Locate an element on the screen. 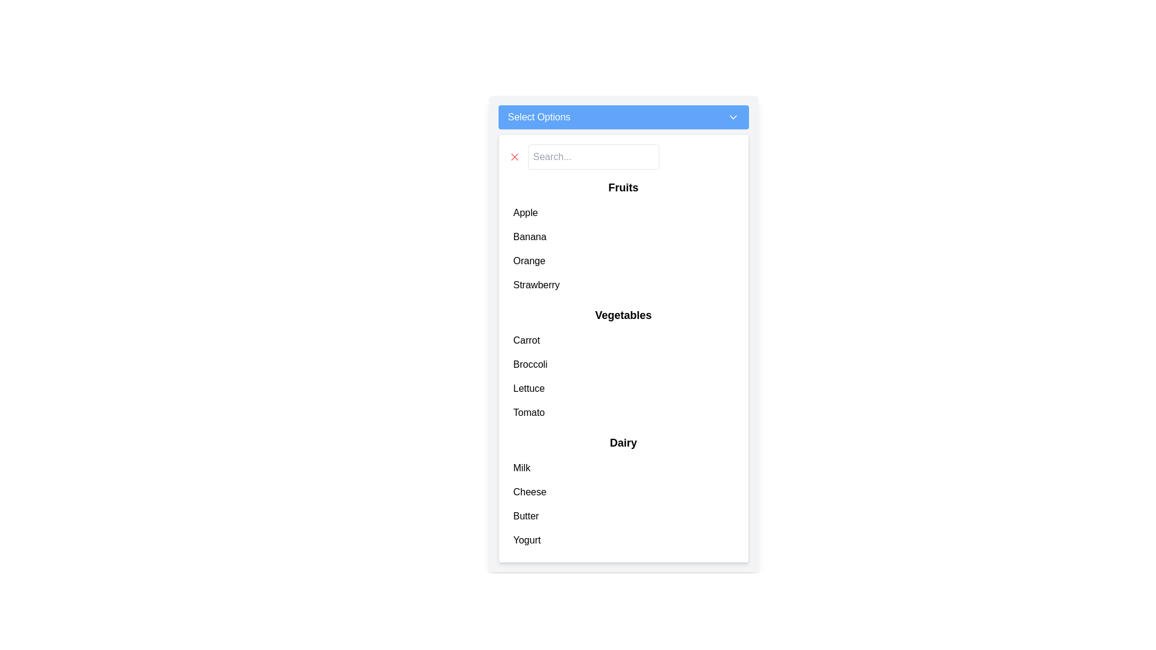 This screenshot has width=1156, height=650. to select the text 'Strawberry' in the Fruits category list, which is styled in the default font and positioned between 'Orange' and 'Vegetables' is located at coordinates (536, 285).